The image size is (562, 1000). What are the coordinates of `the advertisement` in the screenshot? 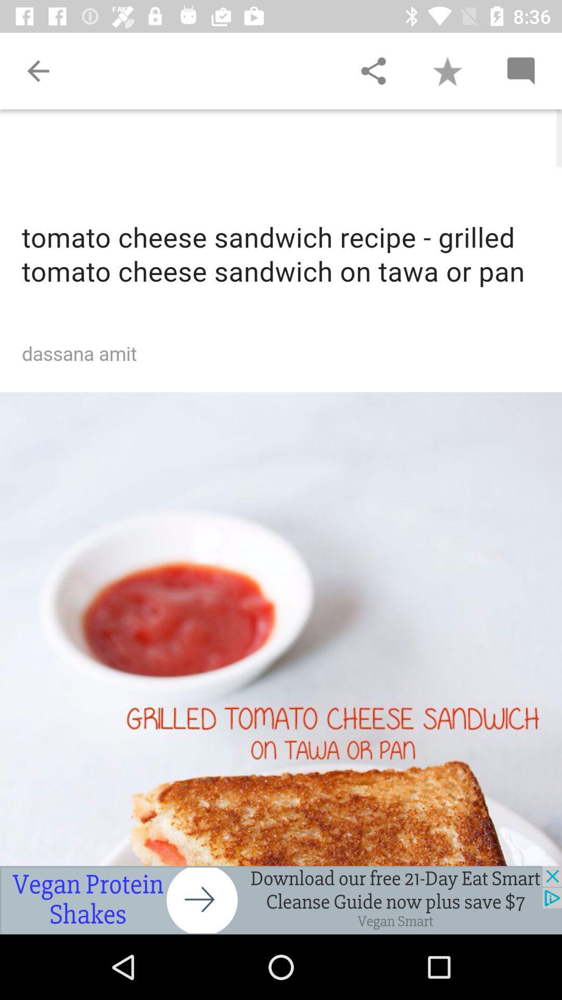 It's located at (281, 899).